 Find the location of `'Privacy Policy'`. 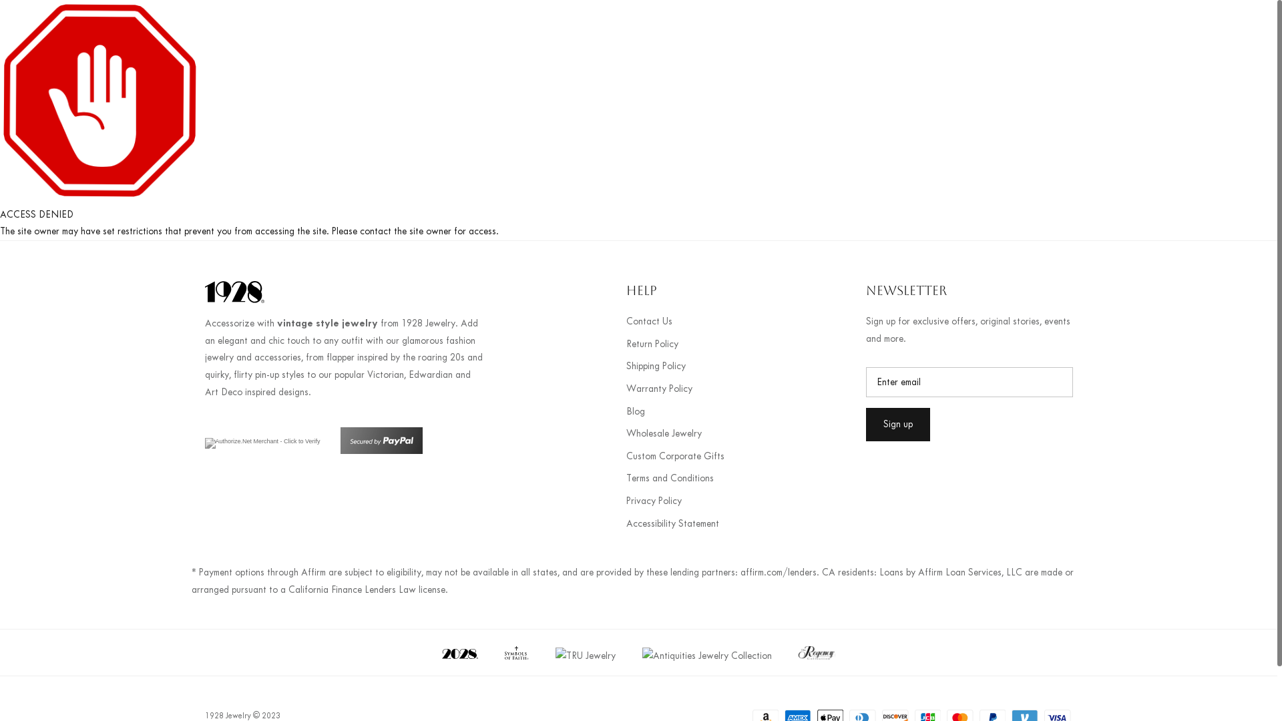

'Privacy Policy' is located at coordinates (654, 501).